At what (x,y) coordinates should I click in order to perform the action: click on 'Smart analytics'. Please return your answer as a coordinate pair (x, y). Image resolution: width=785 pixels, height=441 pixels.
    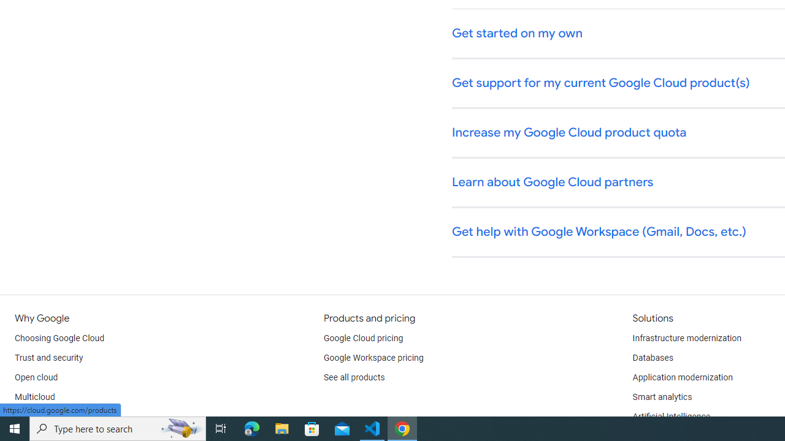
    Looking at the image, I should click on (661, 398).